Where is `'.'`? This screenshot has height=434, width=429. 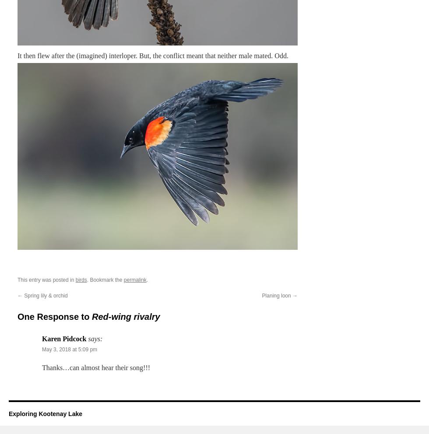 '.' is located at coordinates (147, 280).